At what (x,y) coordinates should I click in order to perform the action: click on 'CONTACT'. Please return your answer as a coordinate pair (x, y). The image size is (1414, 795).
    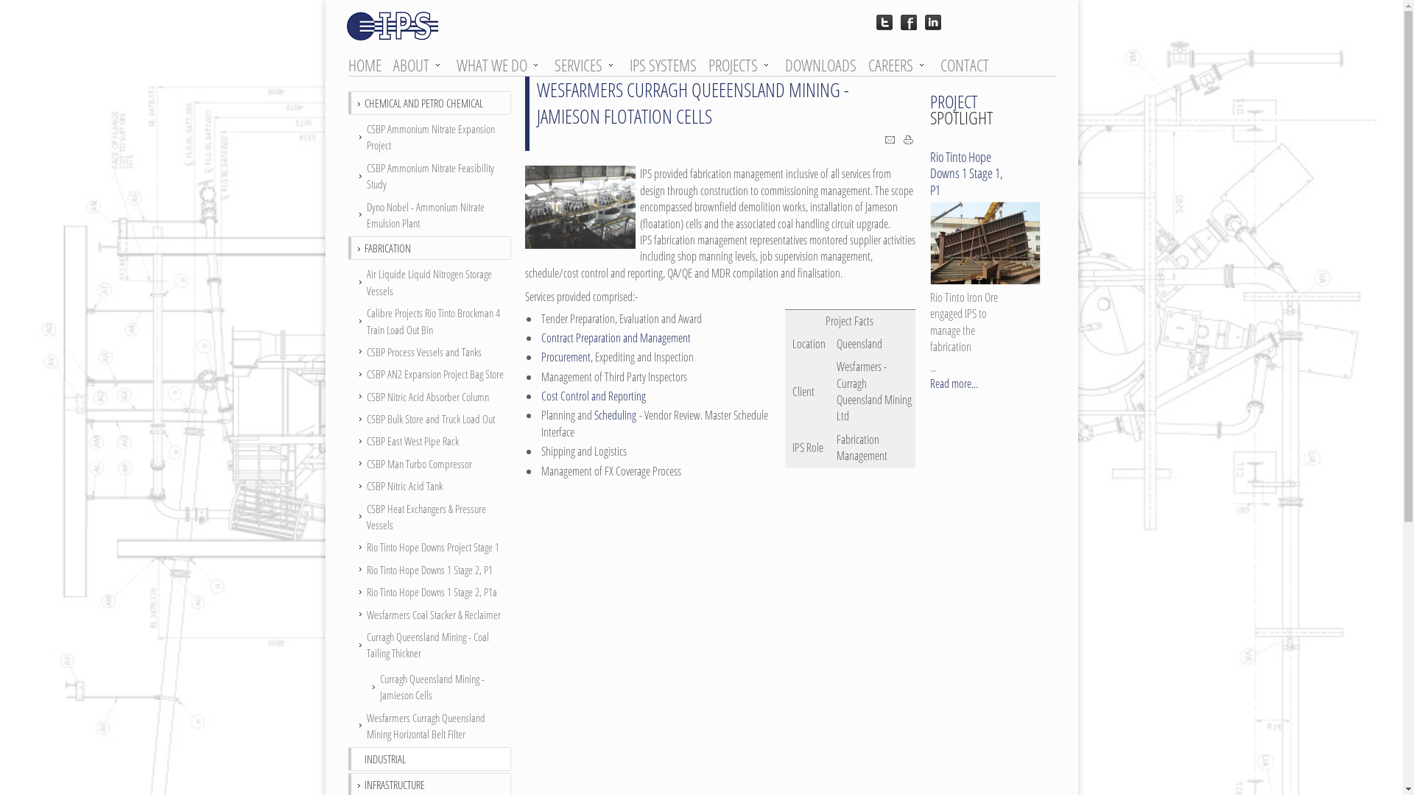
    Looking at the image, I should click on (939, 64).